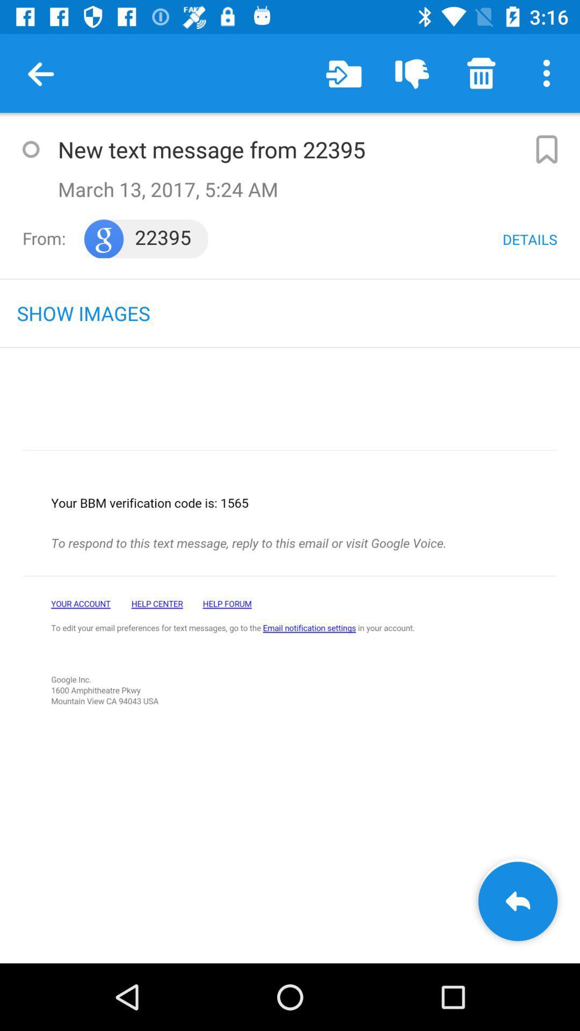  What do you see at coordinates (290, 665) in the screenshot?
I see `main content of the page` at bounding box center [290, 665].